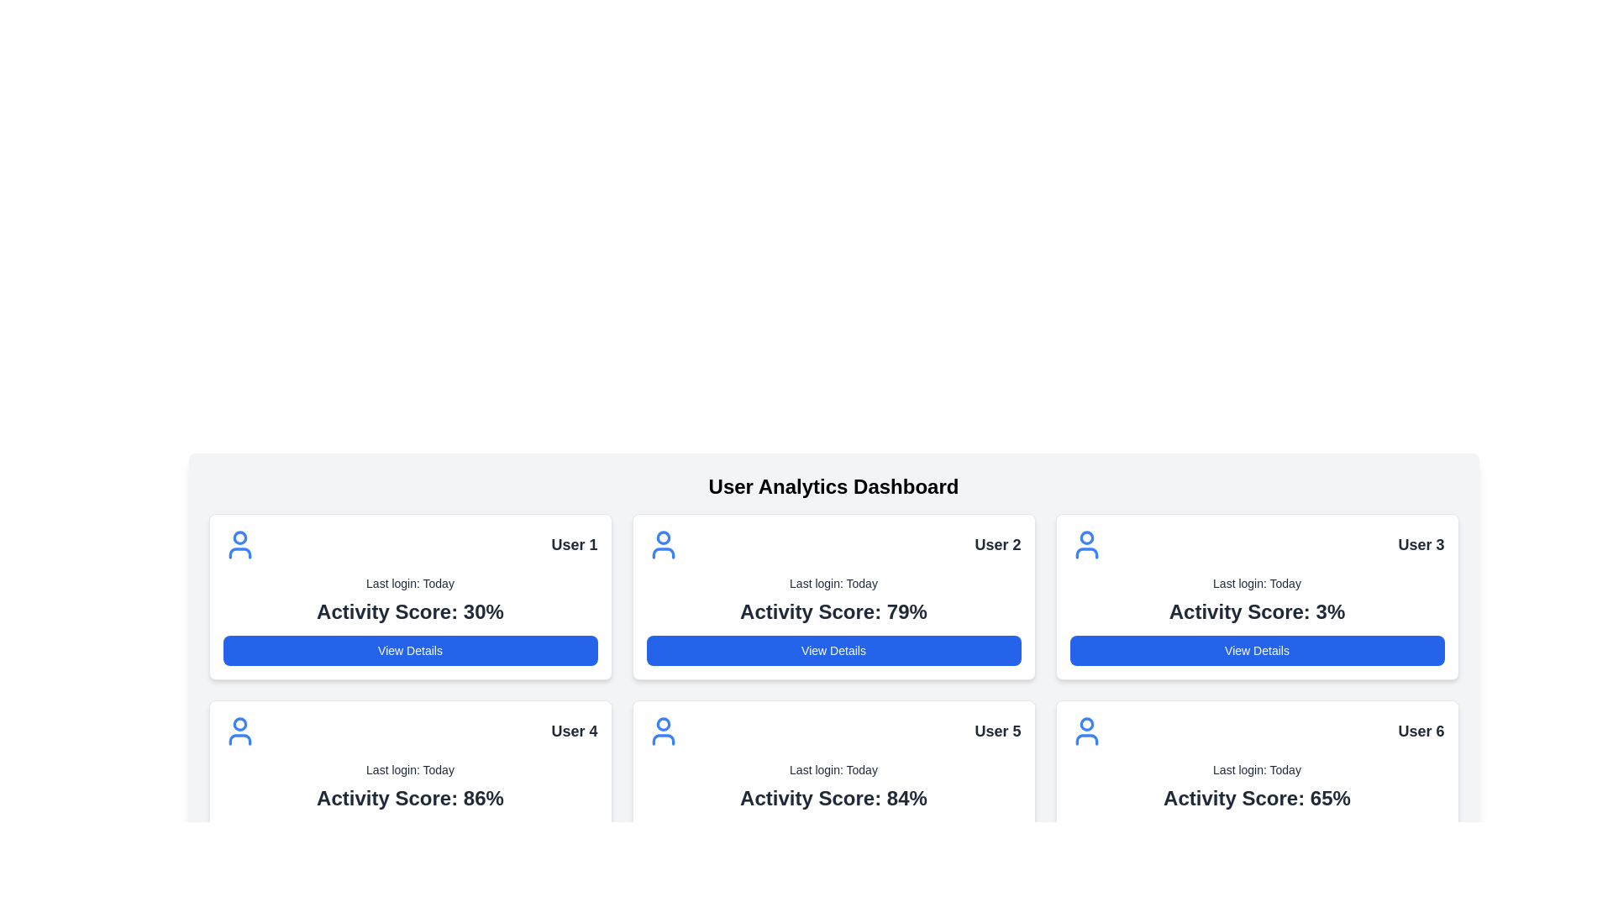 This screenshot has height=907, width=1613. Describe the element at coordinates (1257, 770) in the screenshot. I see `the text snippet that reads 'Last login: Today', which is the second text block in the user information card, positioned sixth in the grid layout` at that location.